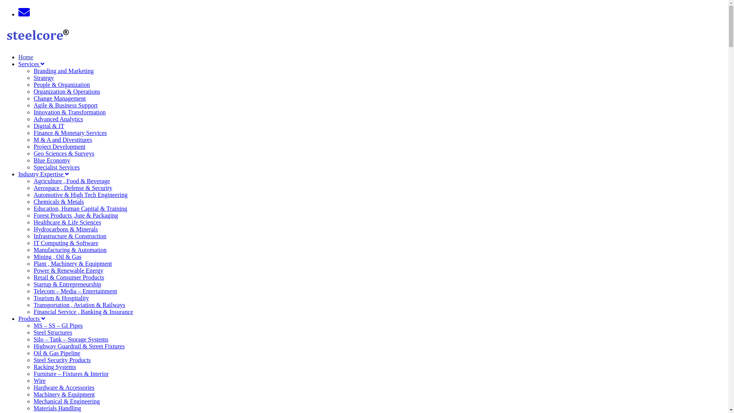 This screenshot has width=734, height=413. Describe the element at coordinates (61, 298) in the screenshot. I see `'Tourism & Hospitality'` at that location.